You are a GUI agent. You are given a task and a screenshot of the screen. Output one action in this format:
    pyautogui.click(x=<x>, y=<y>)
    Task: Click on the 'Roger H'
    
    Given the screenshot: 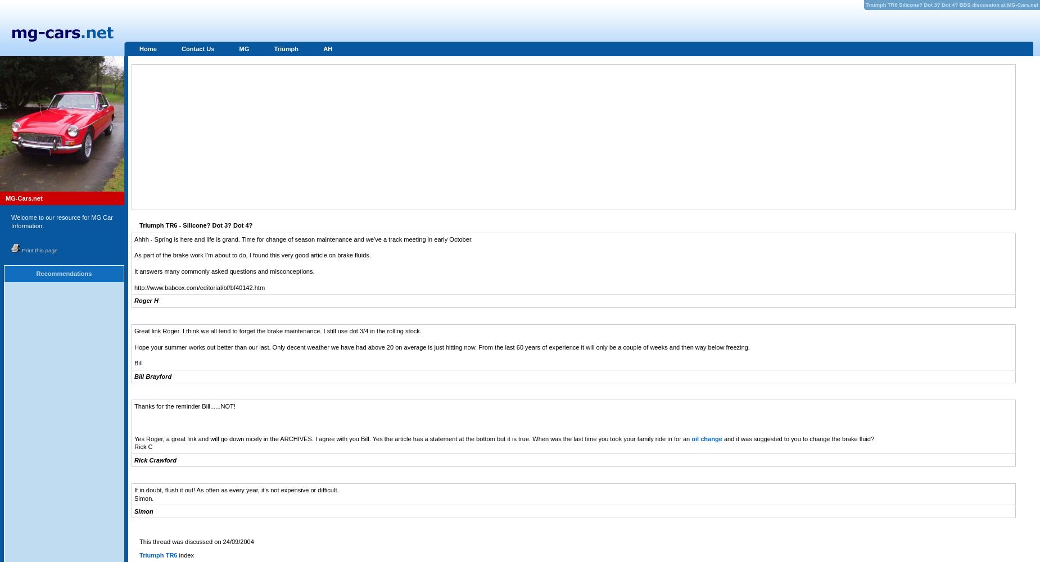 What is the action you would take?
    pyautogui.click(x=145, y=301)
    